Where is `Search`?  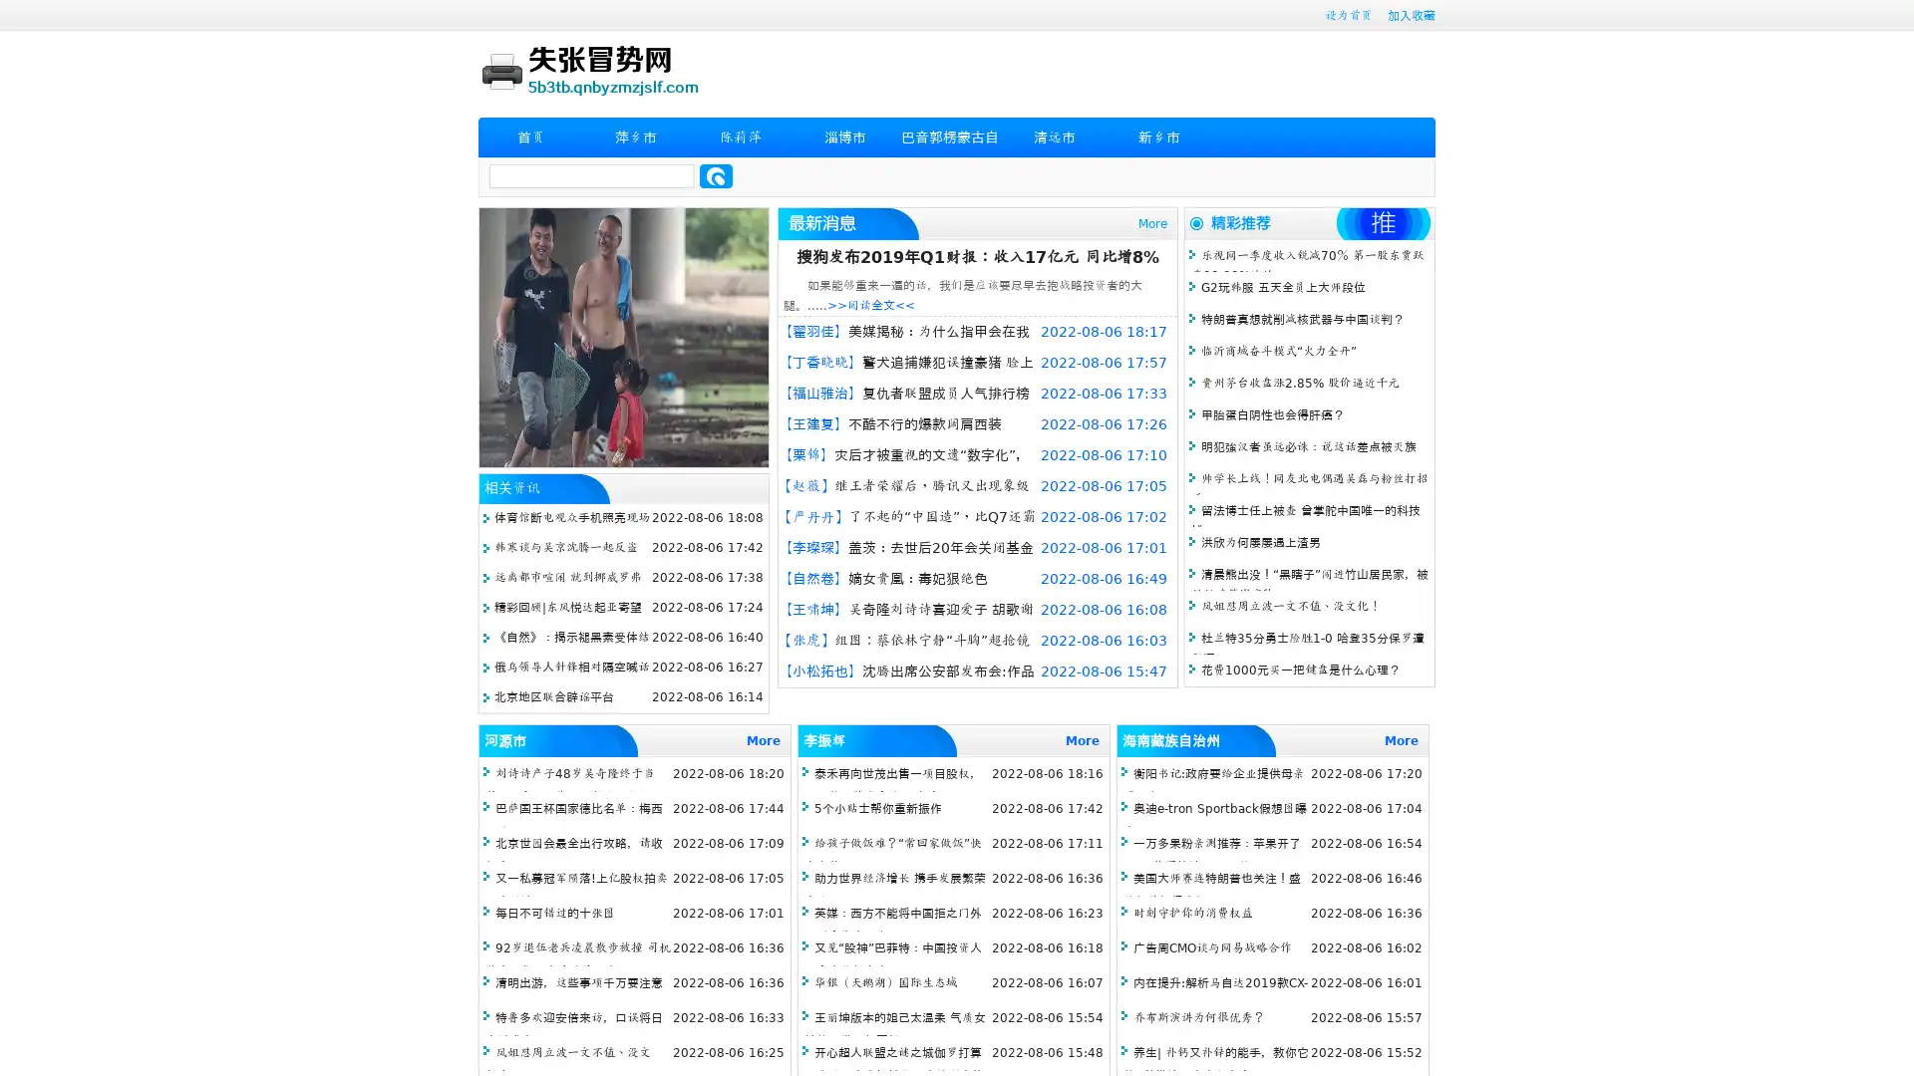 Search is located at coordinates (716, 175).